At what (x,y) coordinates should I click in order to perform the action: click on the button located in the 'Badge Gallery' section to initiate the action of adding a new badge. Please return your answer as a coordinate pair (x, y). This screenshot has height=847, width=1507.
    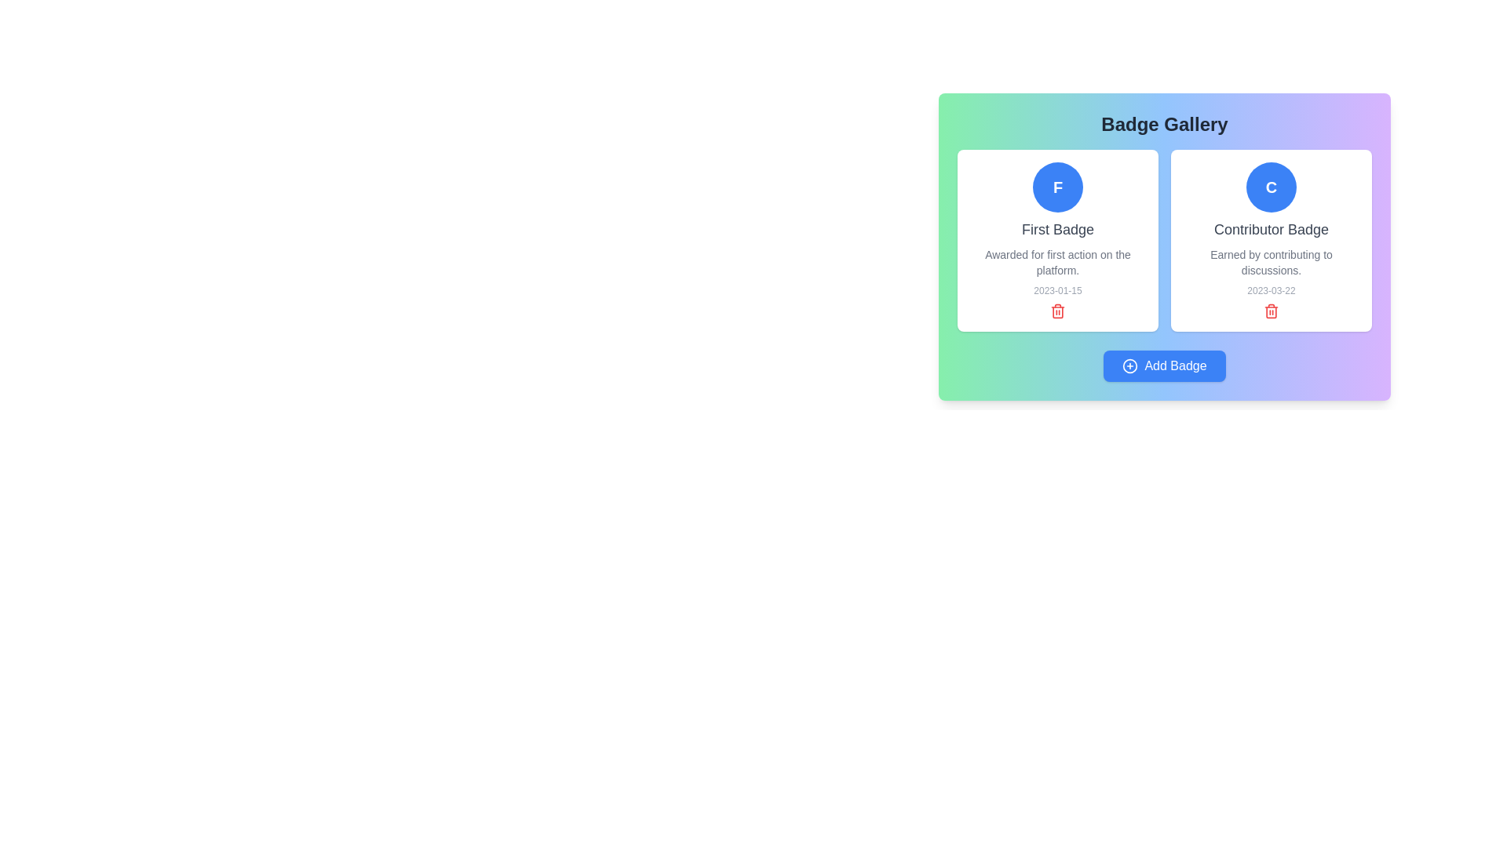
    Looking at the image, I should click on (1164, 365).